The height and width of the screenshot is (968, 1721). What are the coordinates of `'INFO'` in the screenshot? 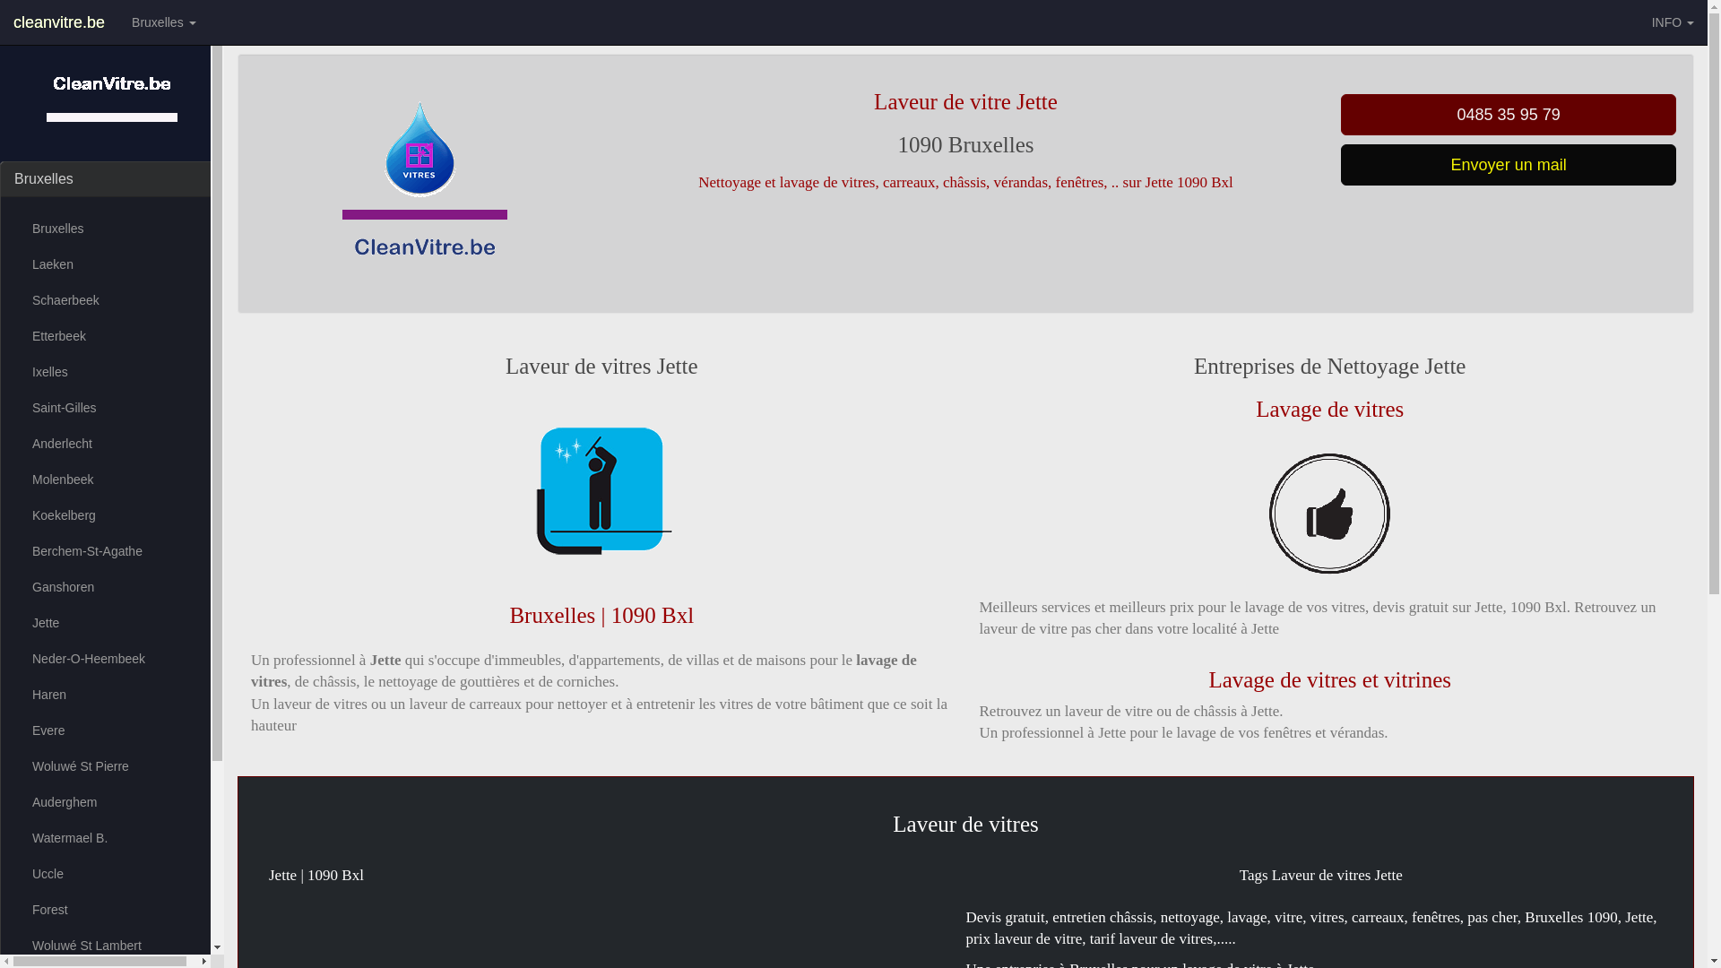 It's located at (1672, 22).